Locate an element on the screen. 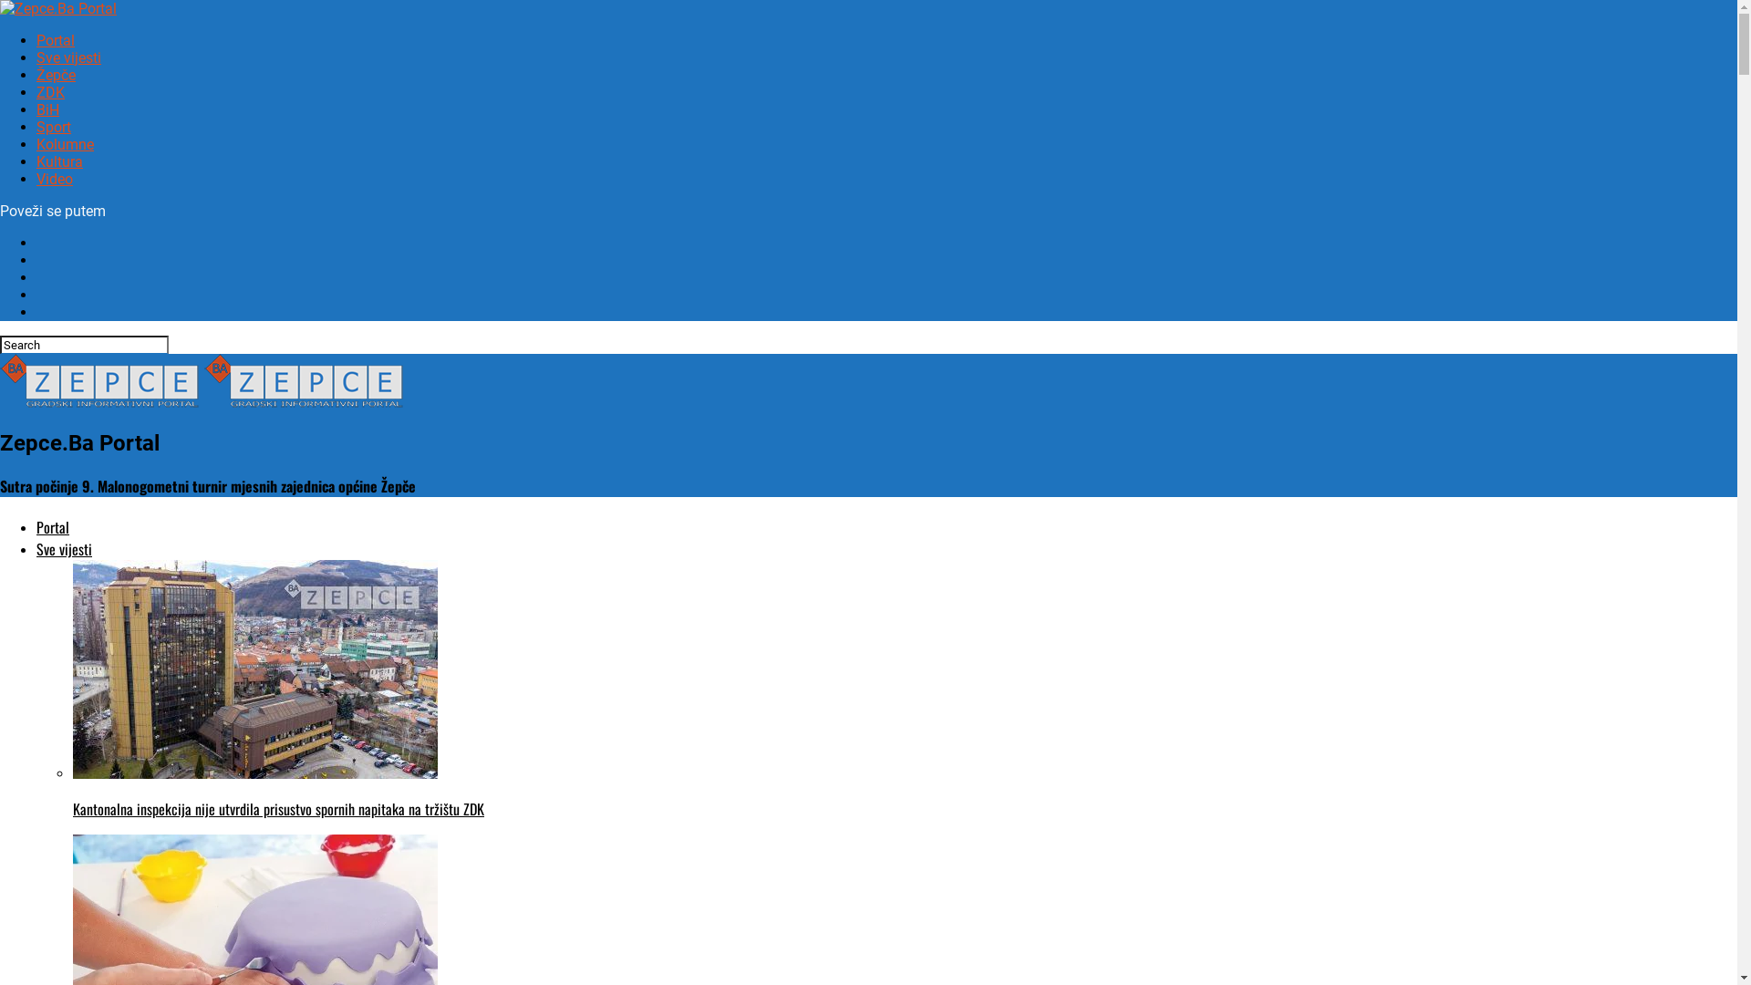  'Portal' is located at coordinates (52, 527).